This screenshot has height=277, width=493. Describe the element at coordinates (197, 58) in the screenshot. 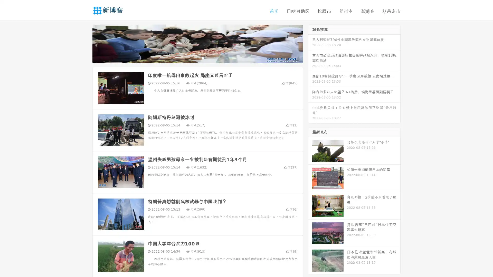

I see `Go to slide 2` at that location.